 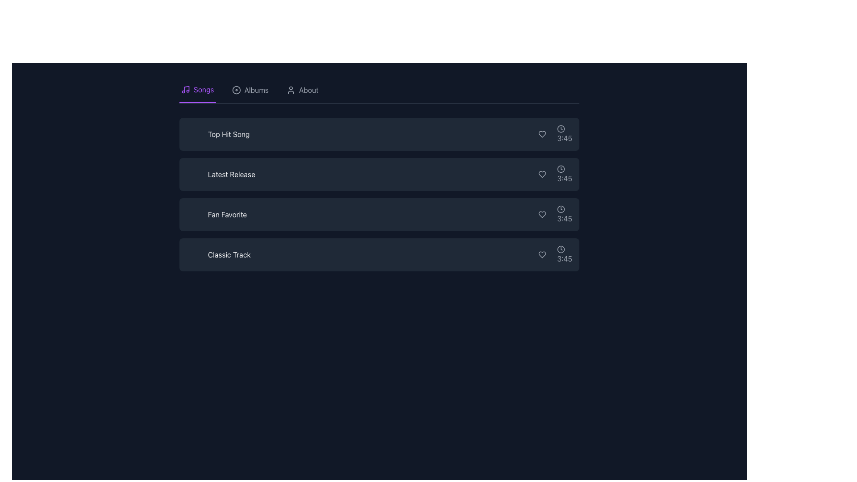 I want to click on the heart icon, so click(x=542, y=134).